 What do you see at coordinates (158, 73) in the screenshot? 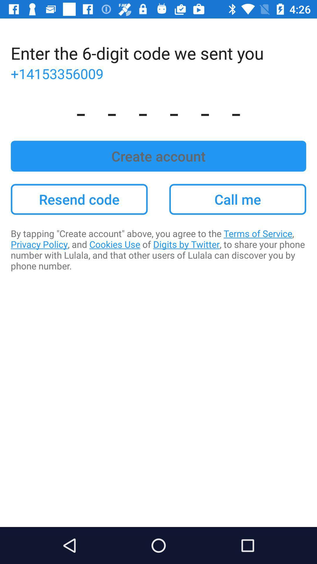
I see `app below enter the 6` at bounding box center [158, 73].